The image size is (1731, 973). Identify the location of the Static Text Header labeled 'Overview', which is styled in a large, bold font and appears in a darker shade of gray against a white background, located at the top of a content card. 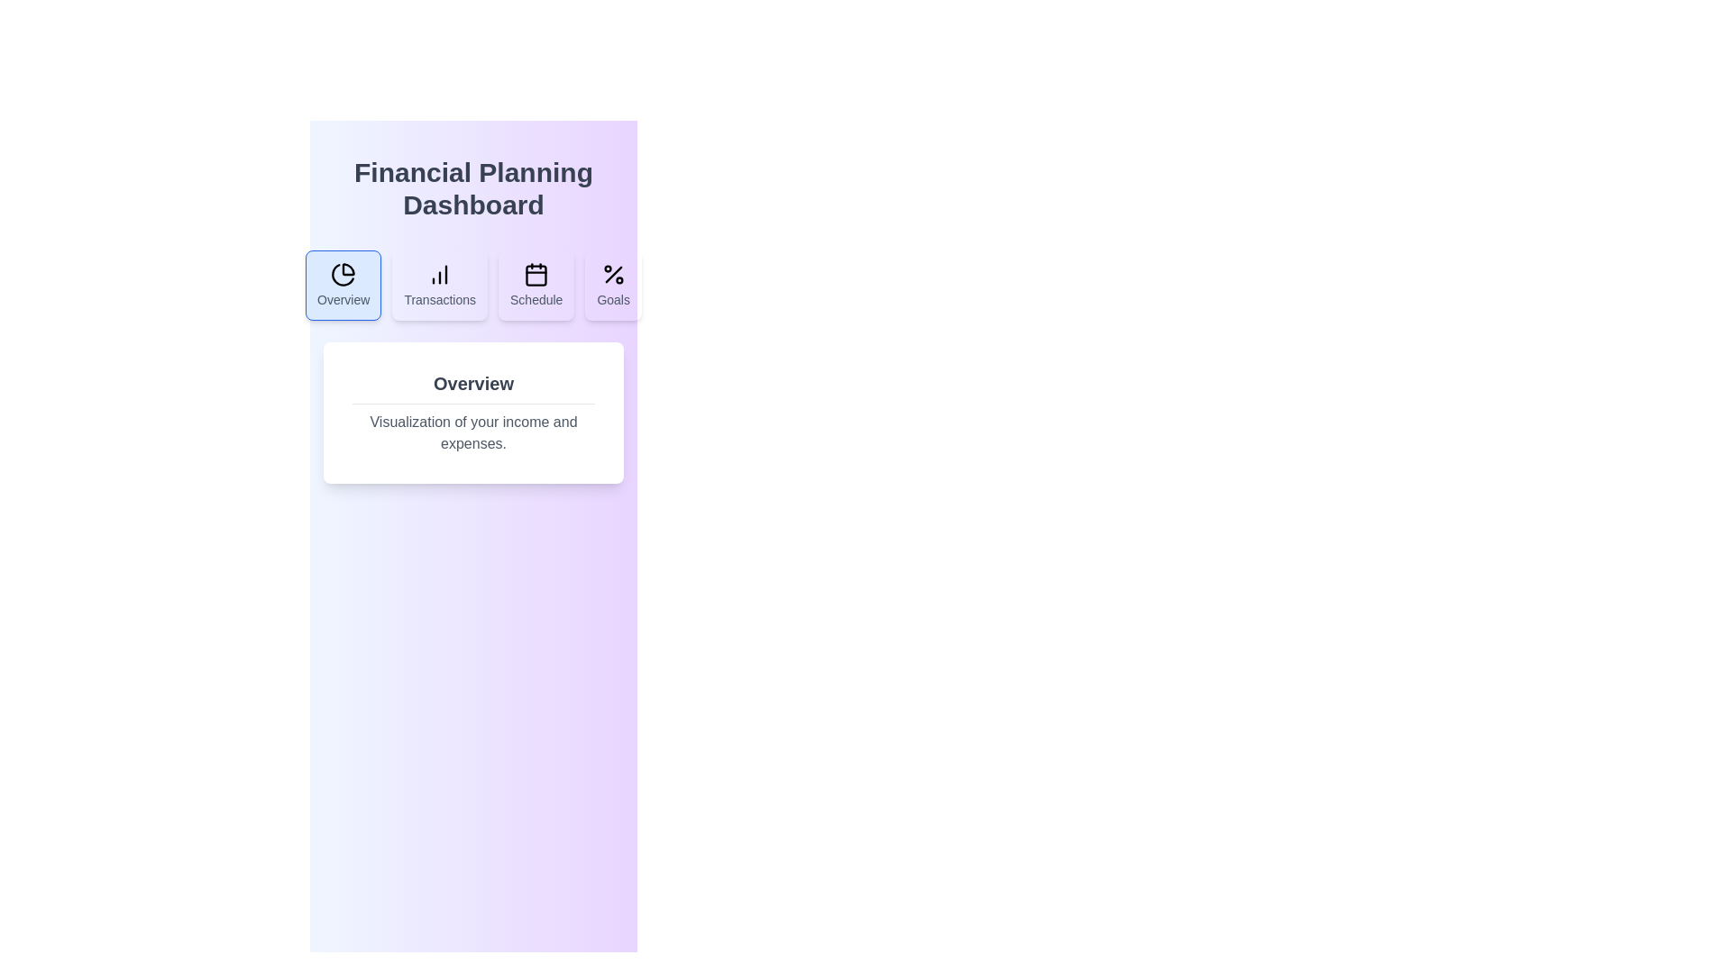
(473, 386).